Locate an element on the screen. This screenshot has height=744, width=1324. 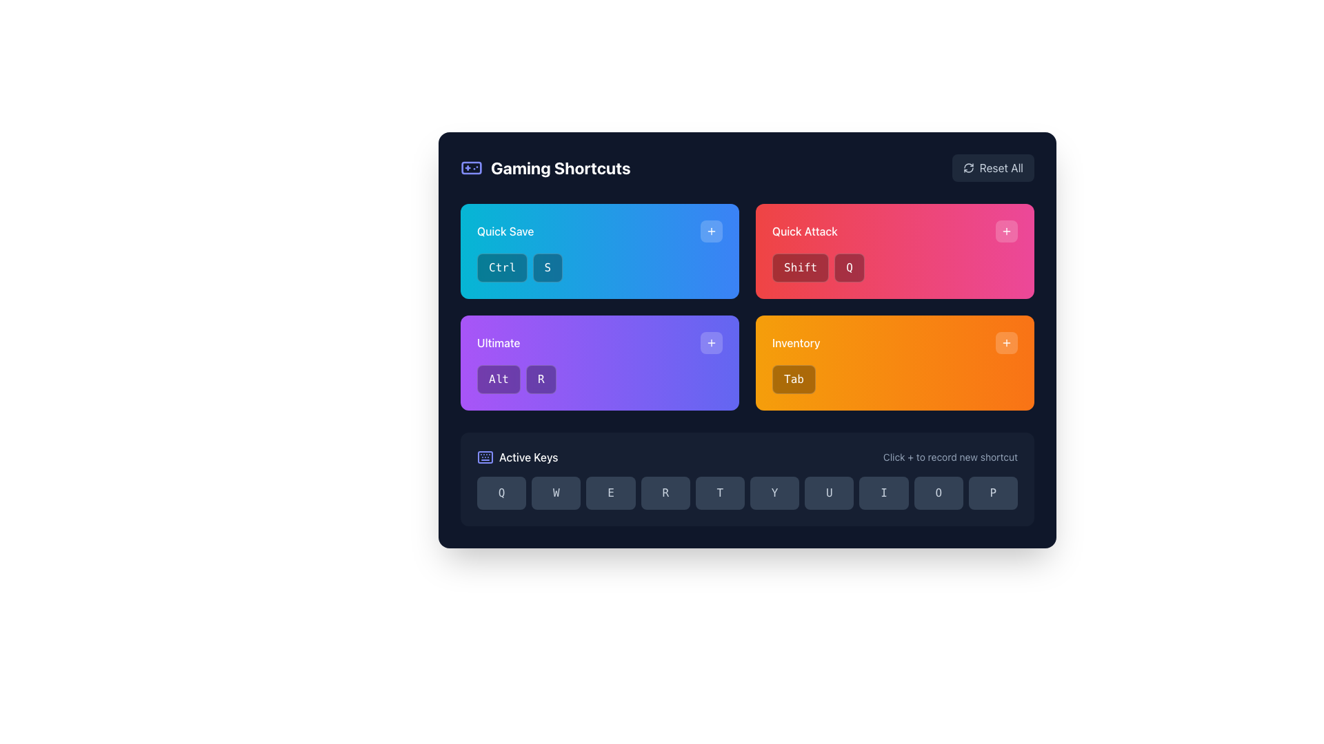
the button labeled 'Q', which is the leftmost button in a horizontal grid of buttons near the bottom of the interface is located at coordinates (501, 493).